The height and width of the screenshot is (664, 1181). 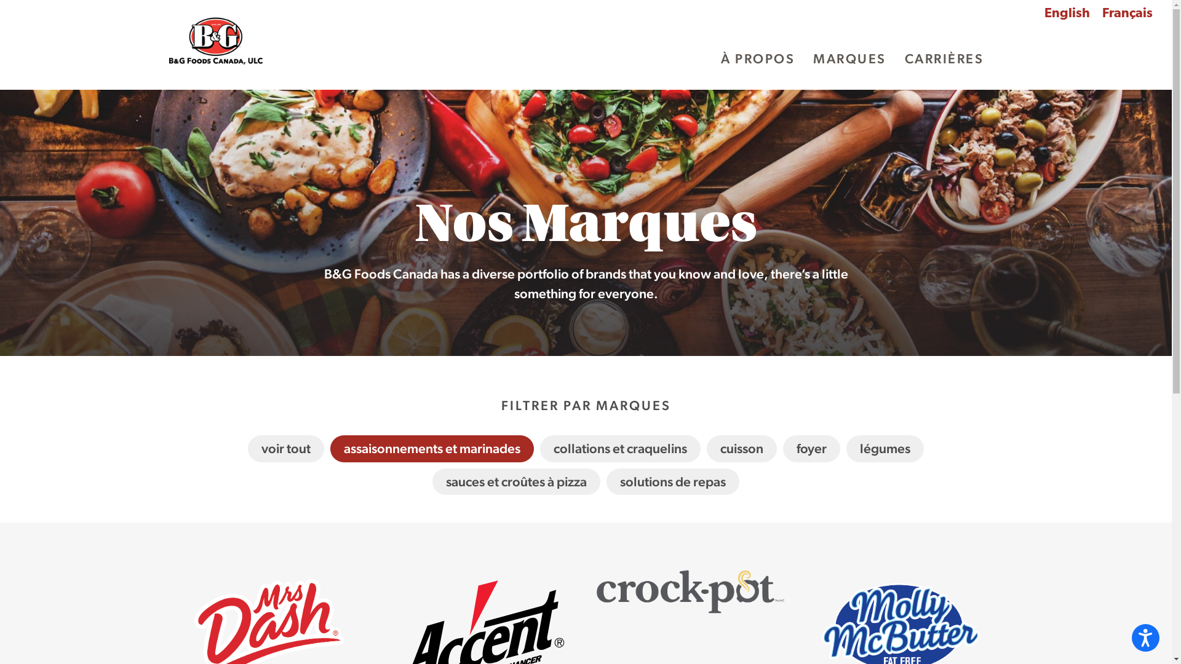 What do you see at coordinates (247, 448) in the screenshot?
I see `'voir tout'` at bounding box center [247, 448].